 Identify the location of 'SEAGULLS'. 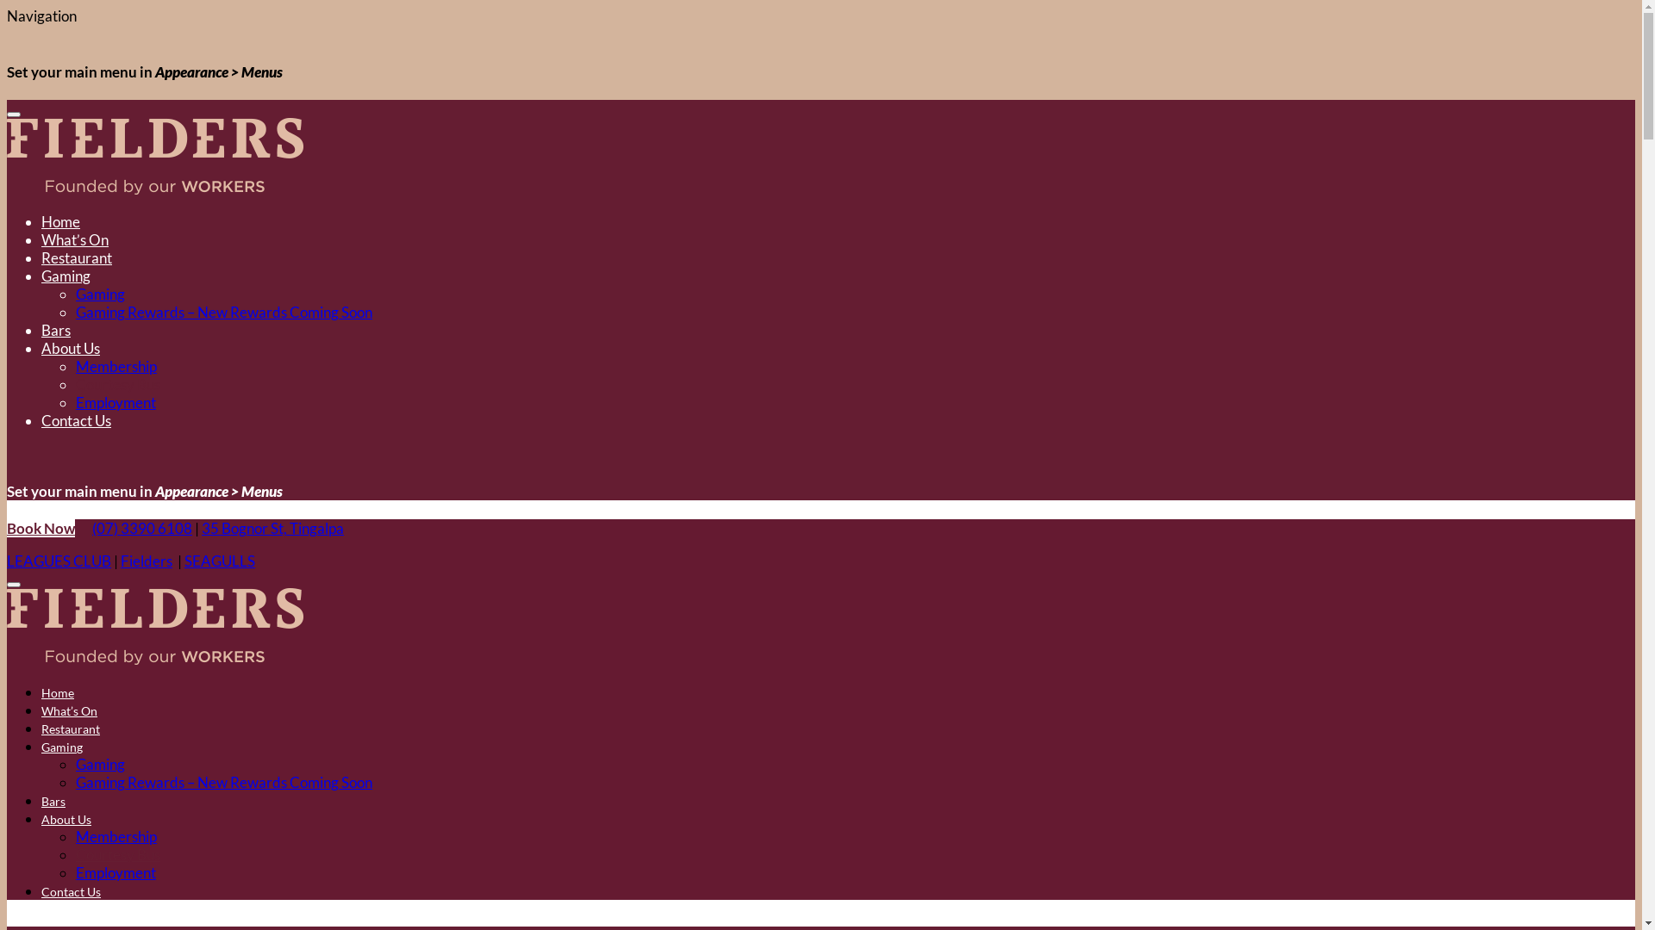
(218, 561).